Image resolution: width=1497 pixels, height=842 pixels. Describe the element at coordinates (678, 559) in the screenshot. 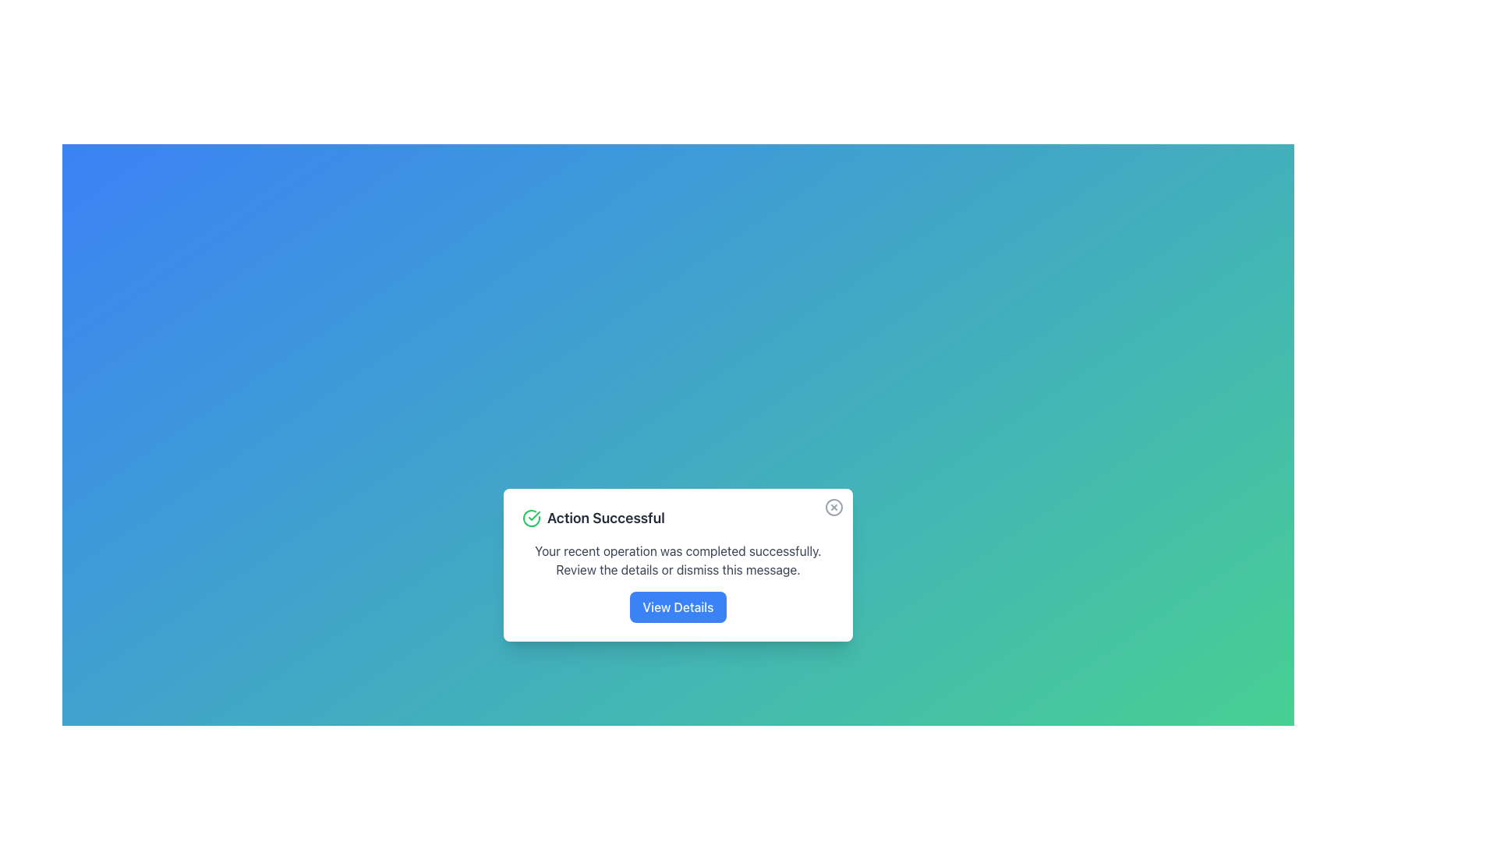

I see `the informational text located centrally within the popup modal, positioned below the heading 'Action Successful' and above the 'View Details' button` at that location.